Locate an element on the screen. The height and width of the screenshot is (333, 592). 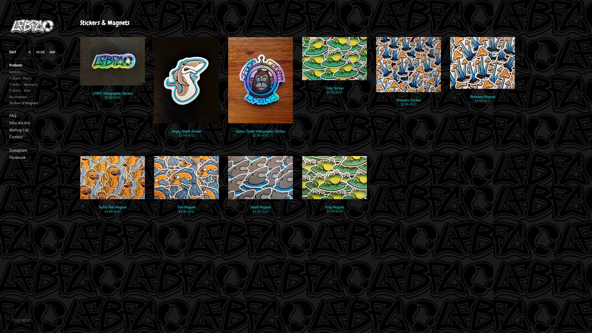
'Powered by Big Cartel' is located at coordinates (21, 319).